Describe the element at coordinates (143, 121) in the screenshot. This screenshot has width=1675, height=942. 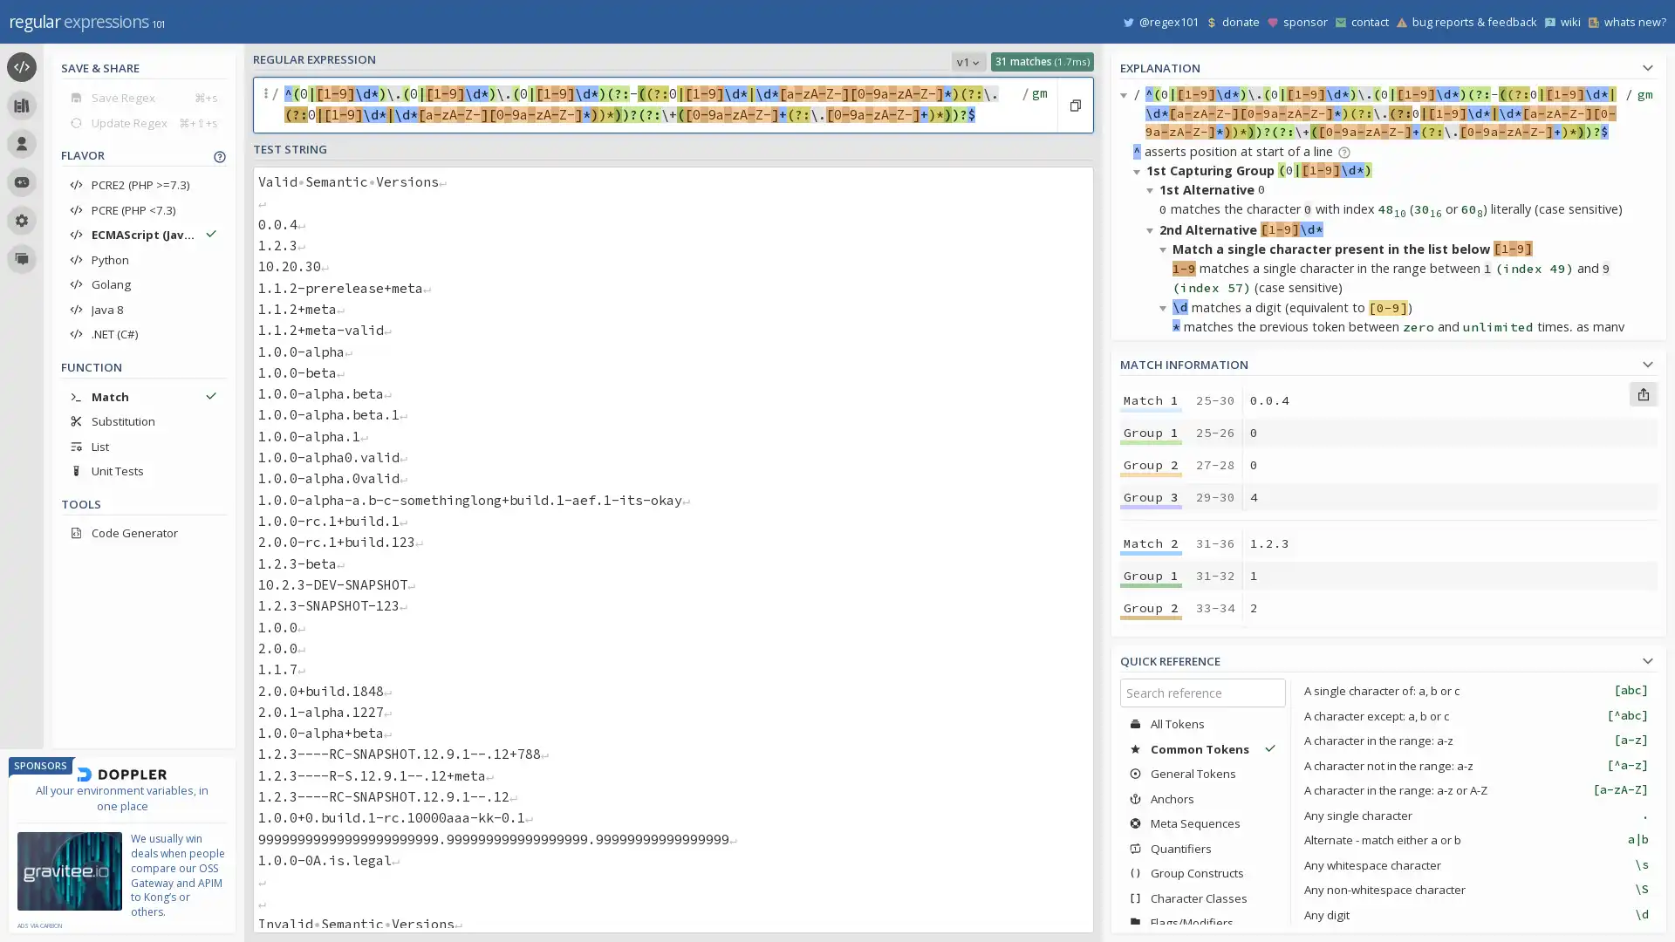
I see `Update Regex ++s` at that location.